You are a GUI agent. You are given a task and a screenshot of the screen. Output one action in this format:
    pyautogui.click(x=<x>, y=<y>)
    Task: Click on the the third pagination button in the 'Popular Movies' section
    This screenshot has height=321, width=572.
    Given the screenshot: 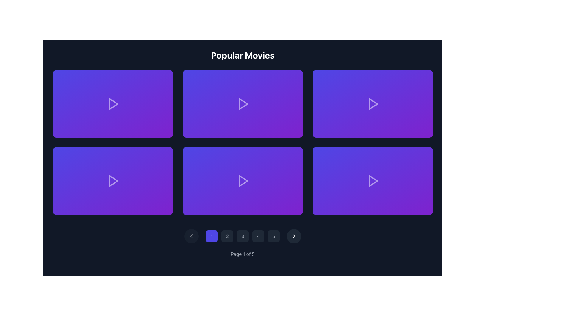 What is the action you would take?
    pyautogui.click(x=243, y=236)
    